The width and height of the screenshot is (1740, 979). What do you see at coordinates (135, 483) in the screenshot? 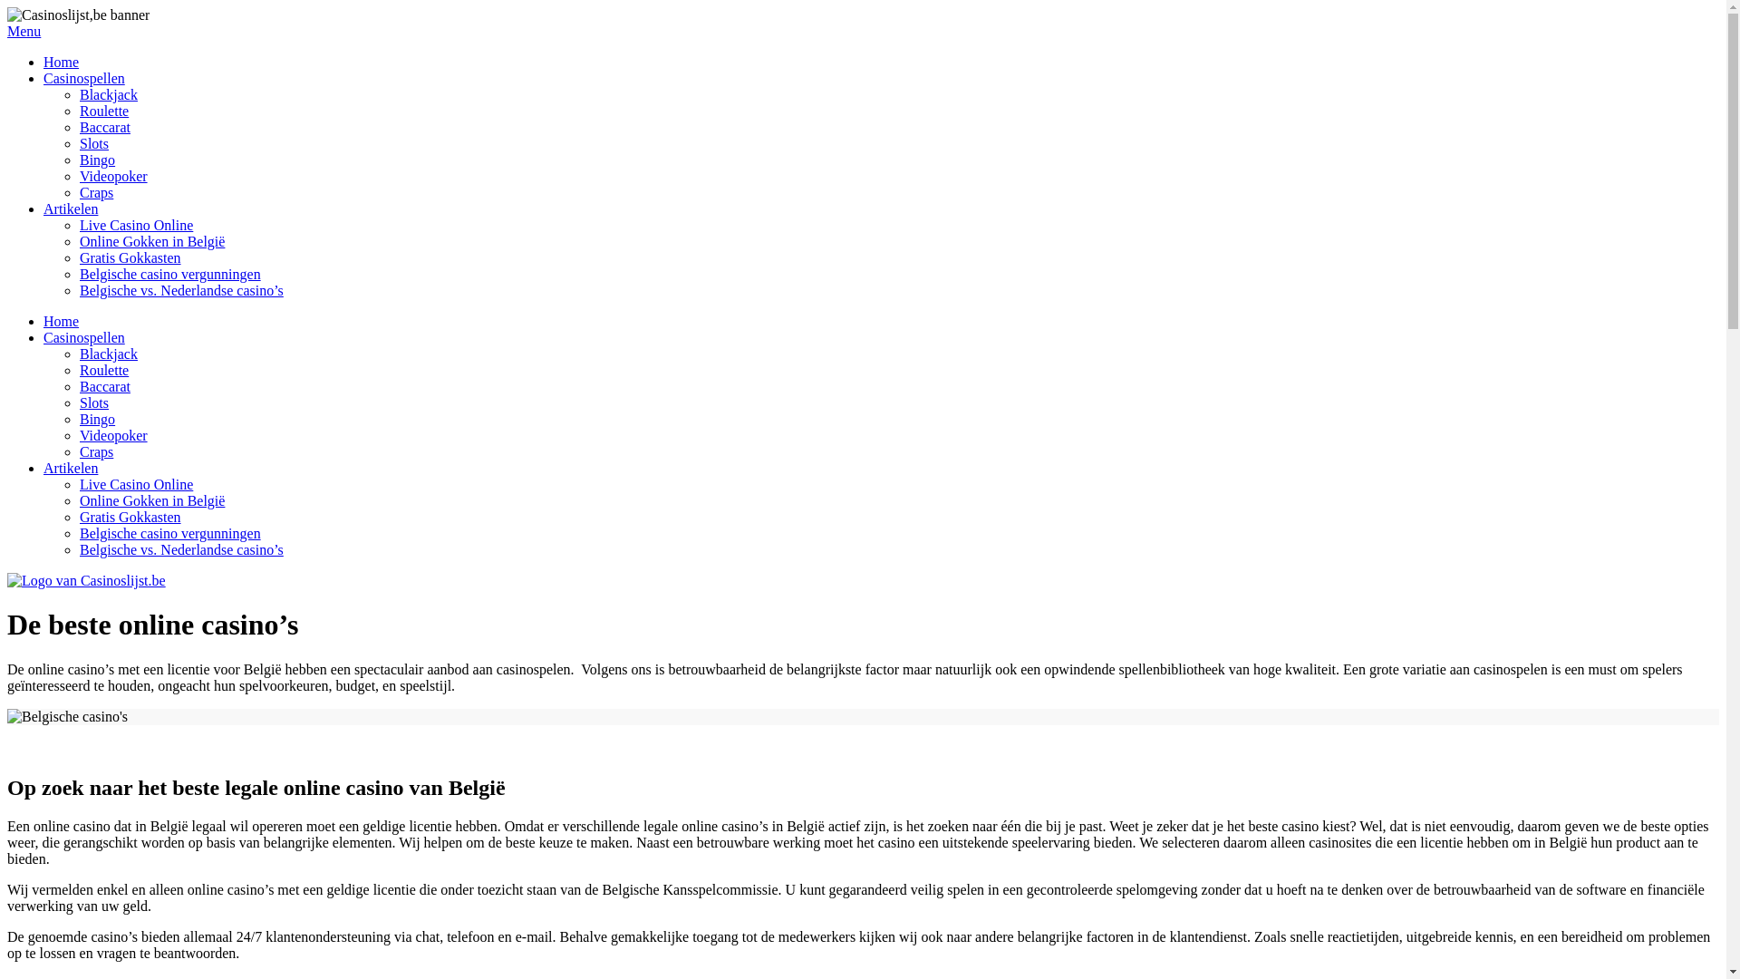
I see `'Live Casino Online'` at bounding box center [135, 483].